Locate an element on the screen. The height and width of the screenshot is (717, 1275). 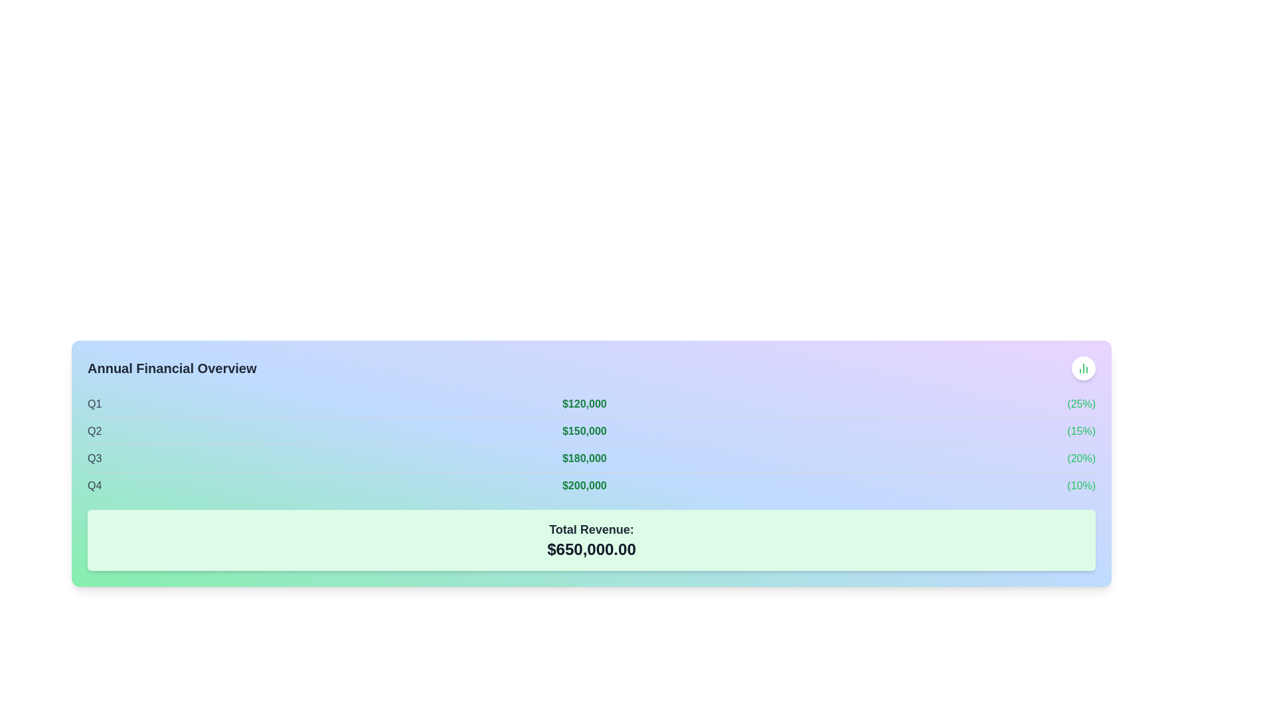
the static text label displaying '(10%)' in green, which is positioned to the right of the 'Q4' row in the table layout, next to '$200,000' is located at coordinates (1081, 486).